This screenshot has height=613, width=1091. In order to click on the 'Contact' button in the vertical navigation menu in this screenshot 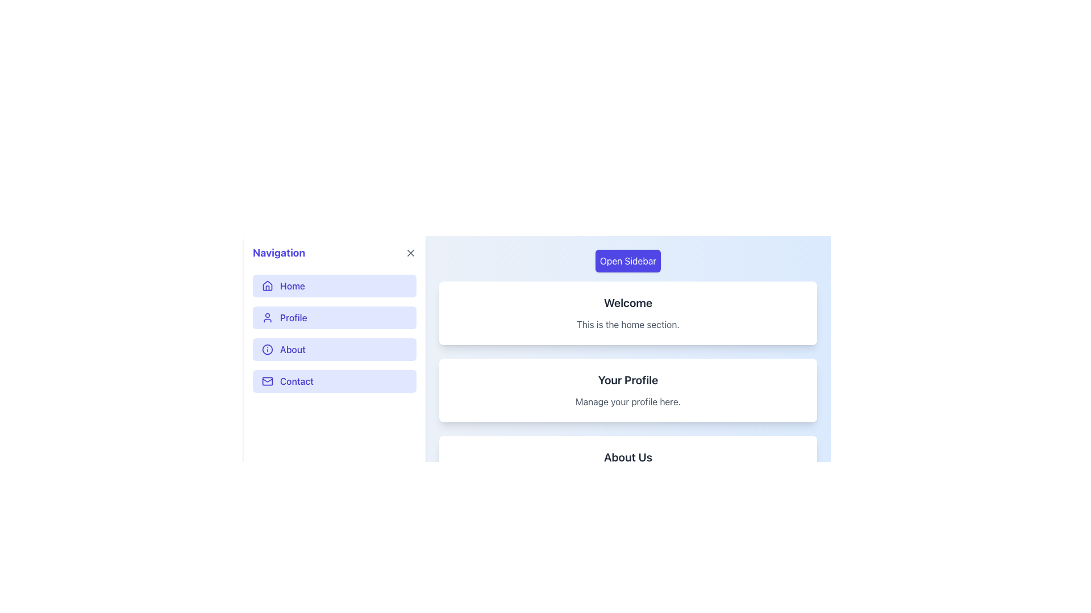, I will do `click(334, 381)`.